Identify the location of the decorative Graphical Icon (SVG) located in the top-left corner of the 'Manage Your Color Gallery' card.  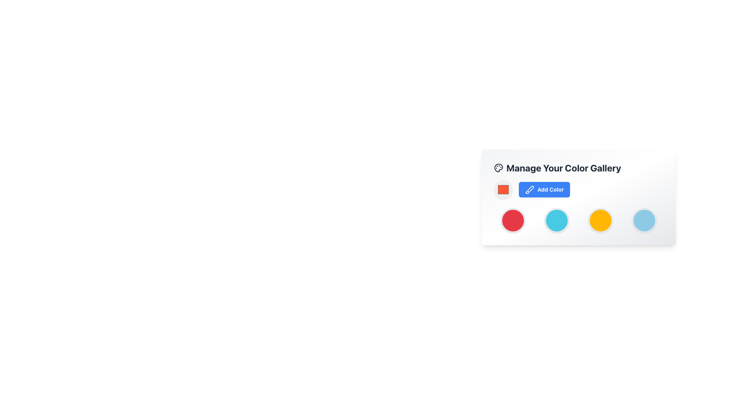
(498, 168).